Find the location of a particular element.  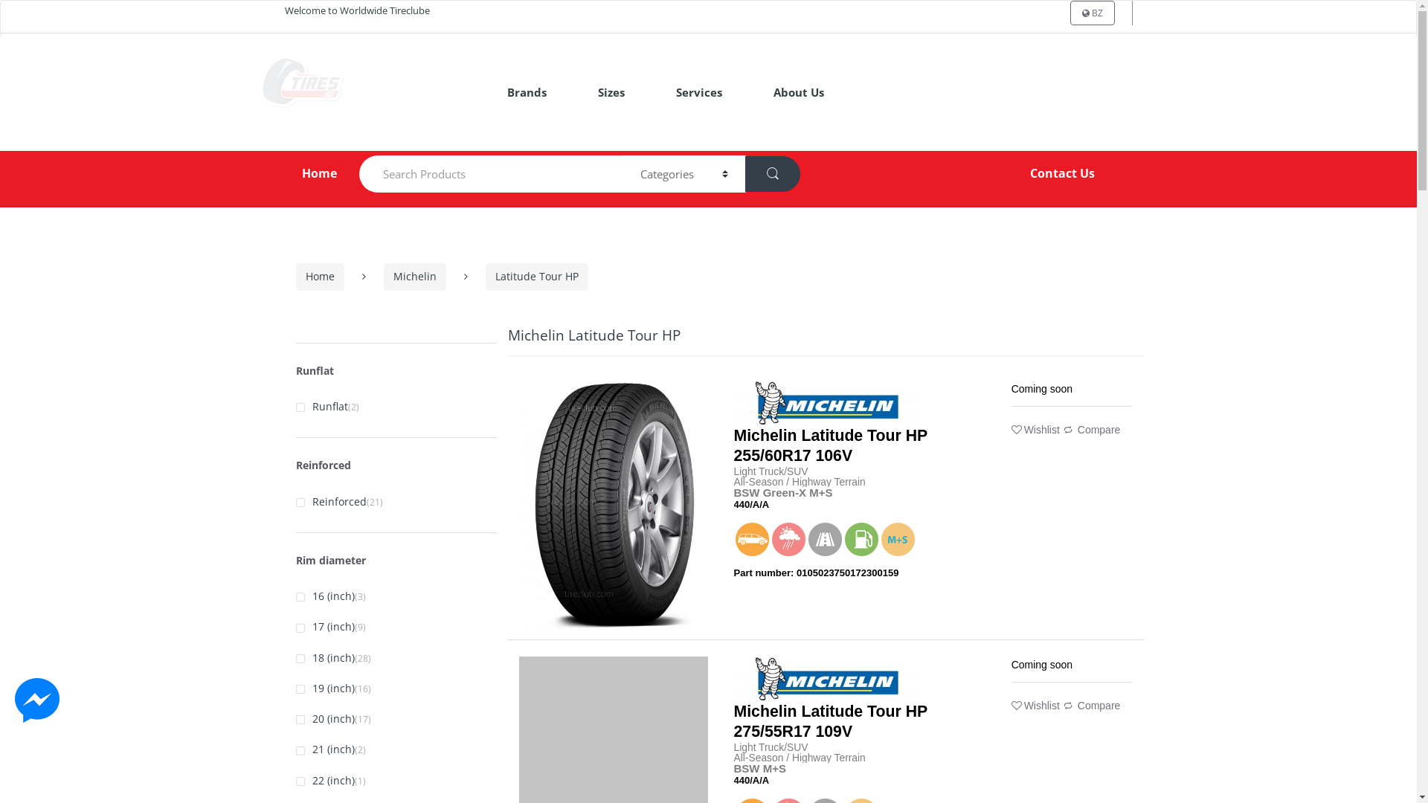

'Contact Us' is located at coordinates (1061, 172).